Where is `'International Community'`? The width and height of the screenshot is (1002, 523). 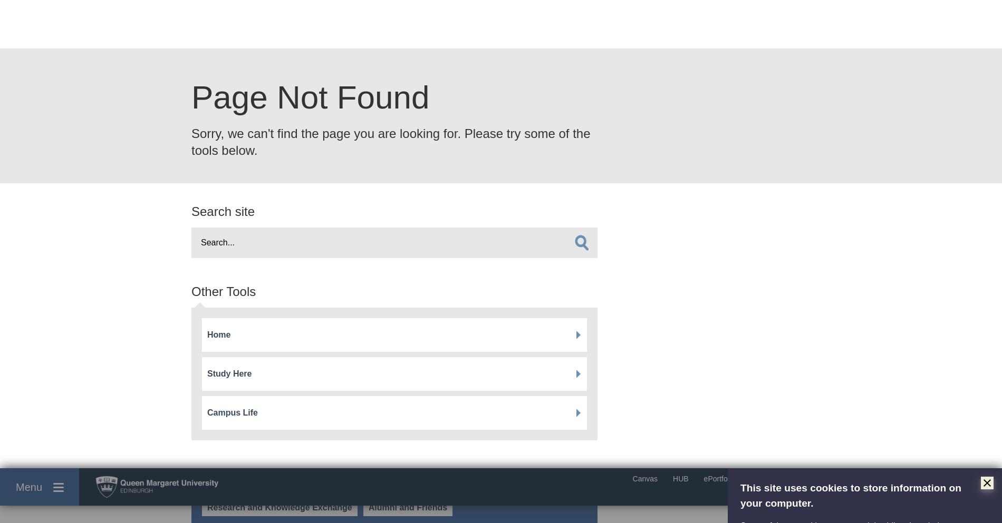 'International Community' is located at coordinates (246, 170).